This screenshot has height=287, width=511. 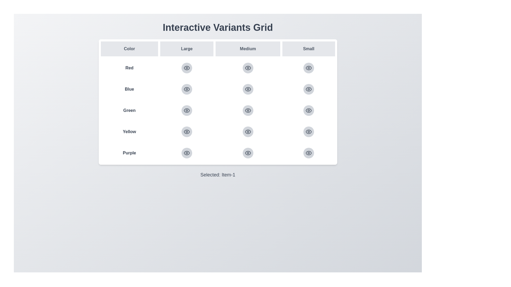 What do you see at coordinates (187, 89) in the screenshot?
I see `the eye-shaped icon located in the 'Blue' row and second column labeled 'Large'` at bounding box center [187, 89].